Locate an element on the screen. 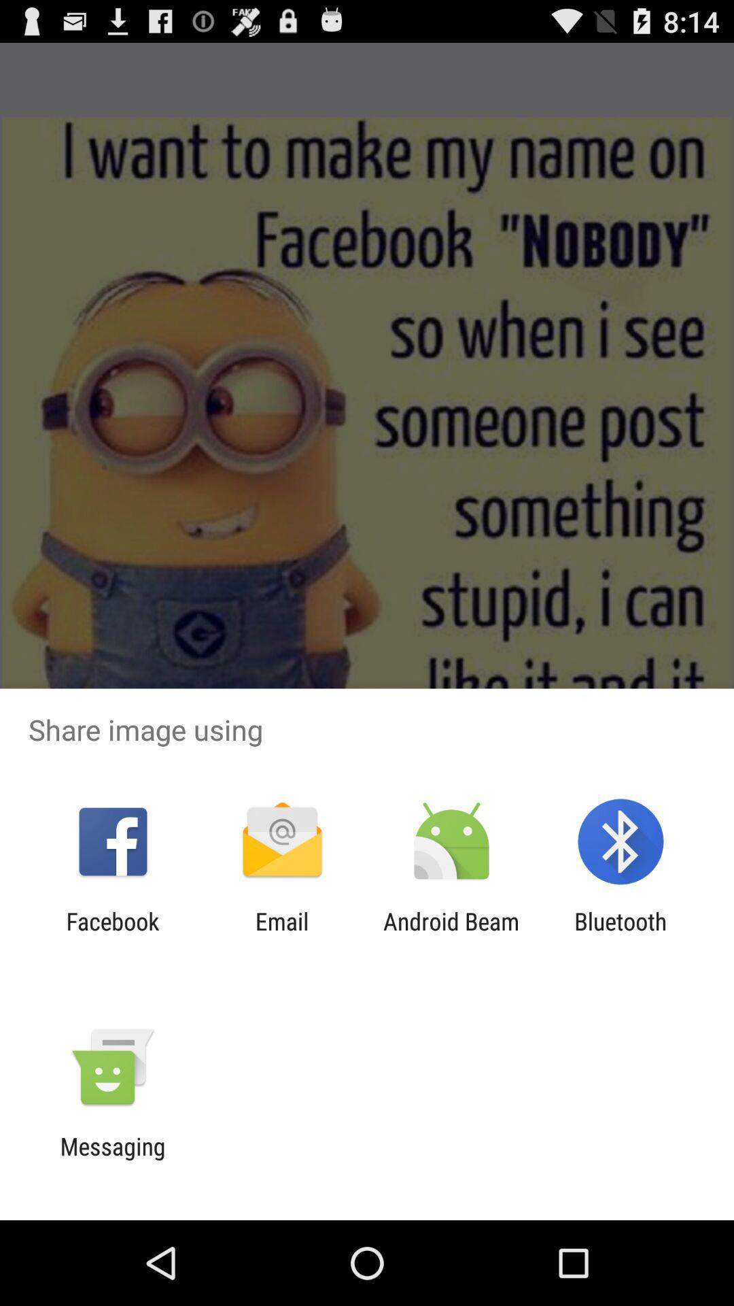 The height and width of the screenshot is (1306, 734). item next to the email icon is located at coordinates (112, 935).